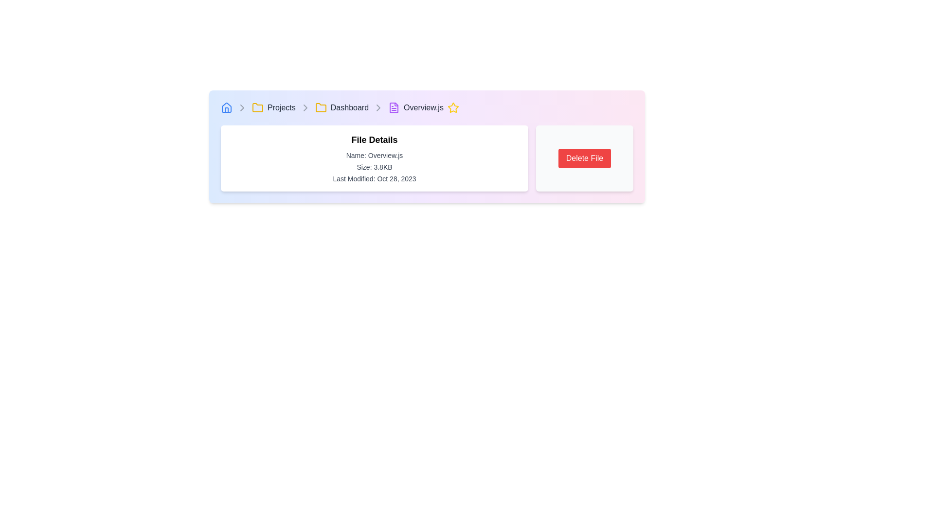  Describe the element at coordinates (374, 166) in the screenshot. I see `the Text label that displays the file size information for the currently detailed file, which is positioned below the text 'Name: Overview.js' and above 'Last Modified: Oct 28, 2023'` at that location.